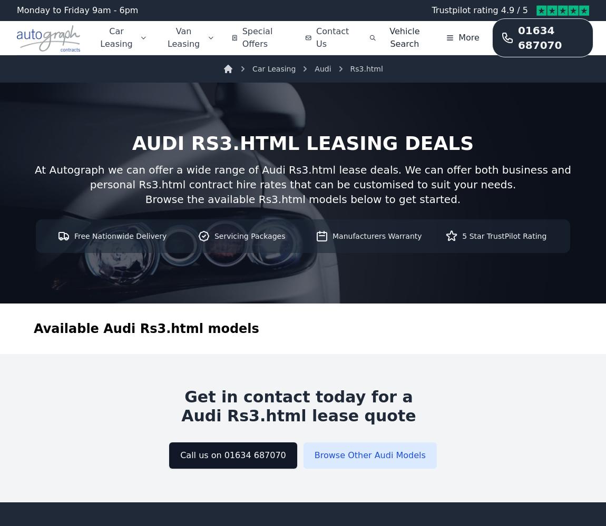  I want to click on 'rs3.html', so click(191, 143).